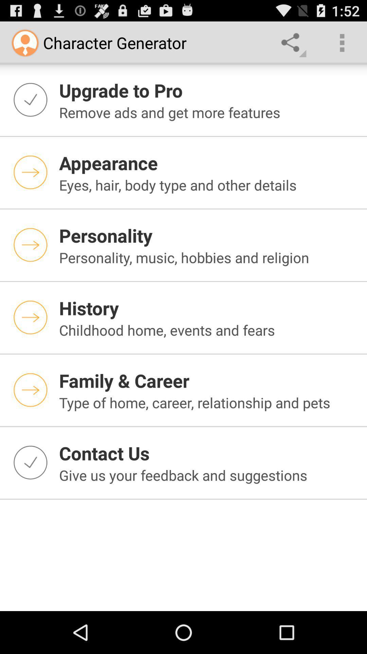 The width and height of the screenshot is (367, 654). What do you see at coordinates (208, 453) in the screenshot?
I see `contact us` at bounding box center [208, 453].